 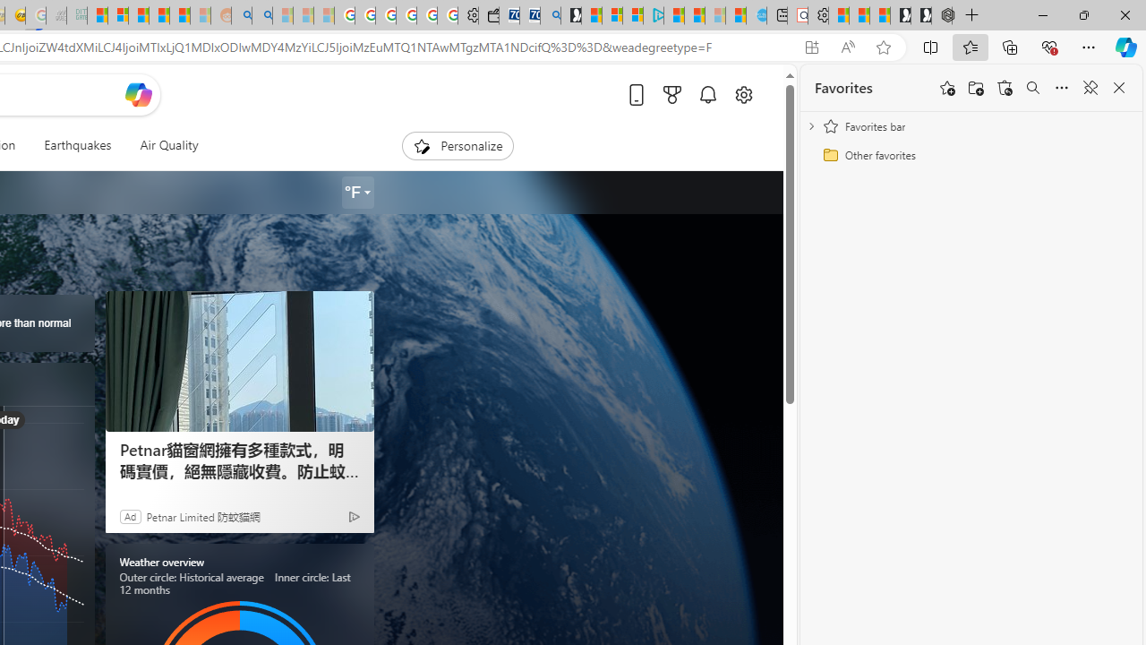 I want to click on 'Restore deleted favorites', so click(x=1005, y=88).